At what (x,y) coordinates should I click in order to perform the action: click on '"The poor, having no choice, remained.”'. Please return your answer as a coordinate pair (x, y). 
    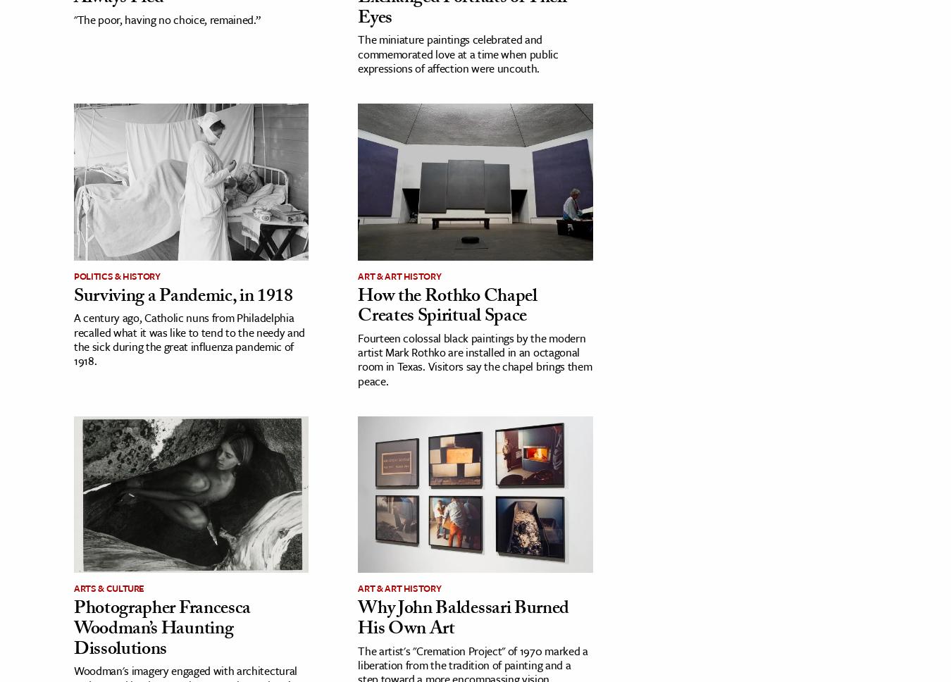
    Looking at the image, I should click on (166, 19).